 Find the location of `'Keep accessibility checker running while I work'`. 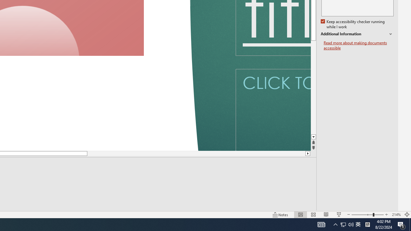

'Keep accessibility checker running while I work' is located at coordinates (353, 24).